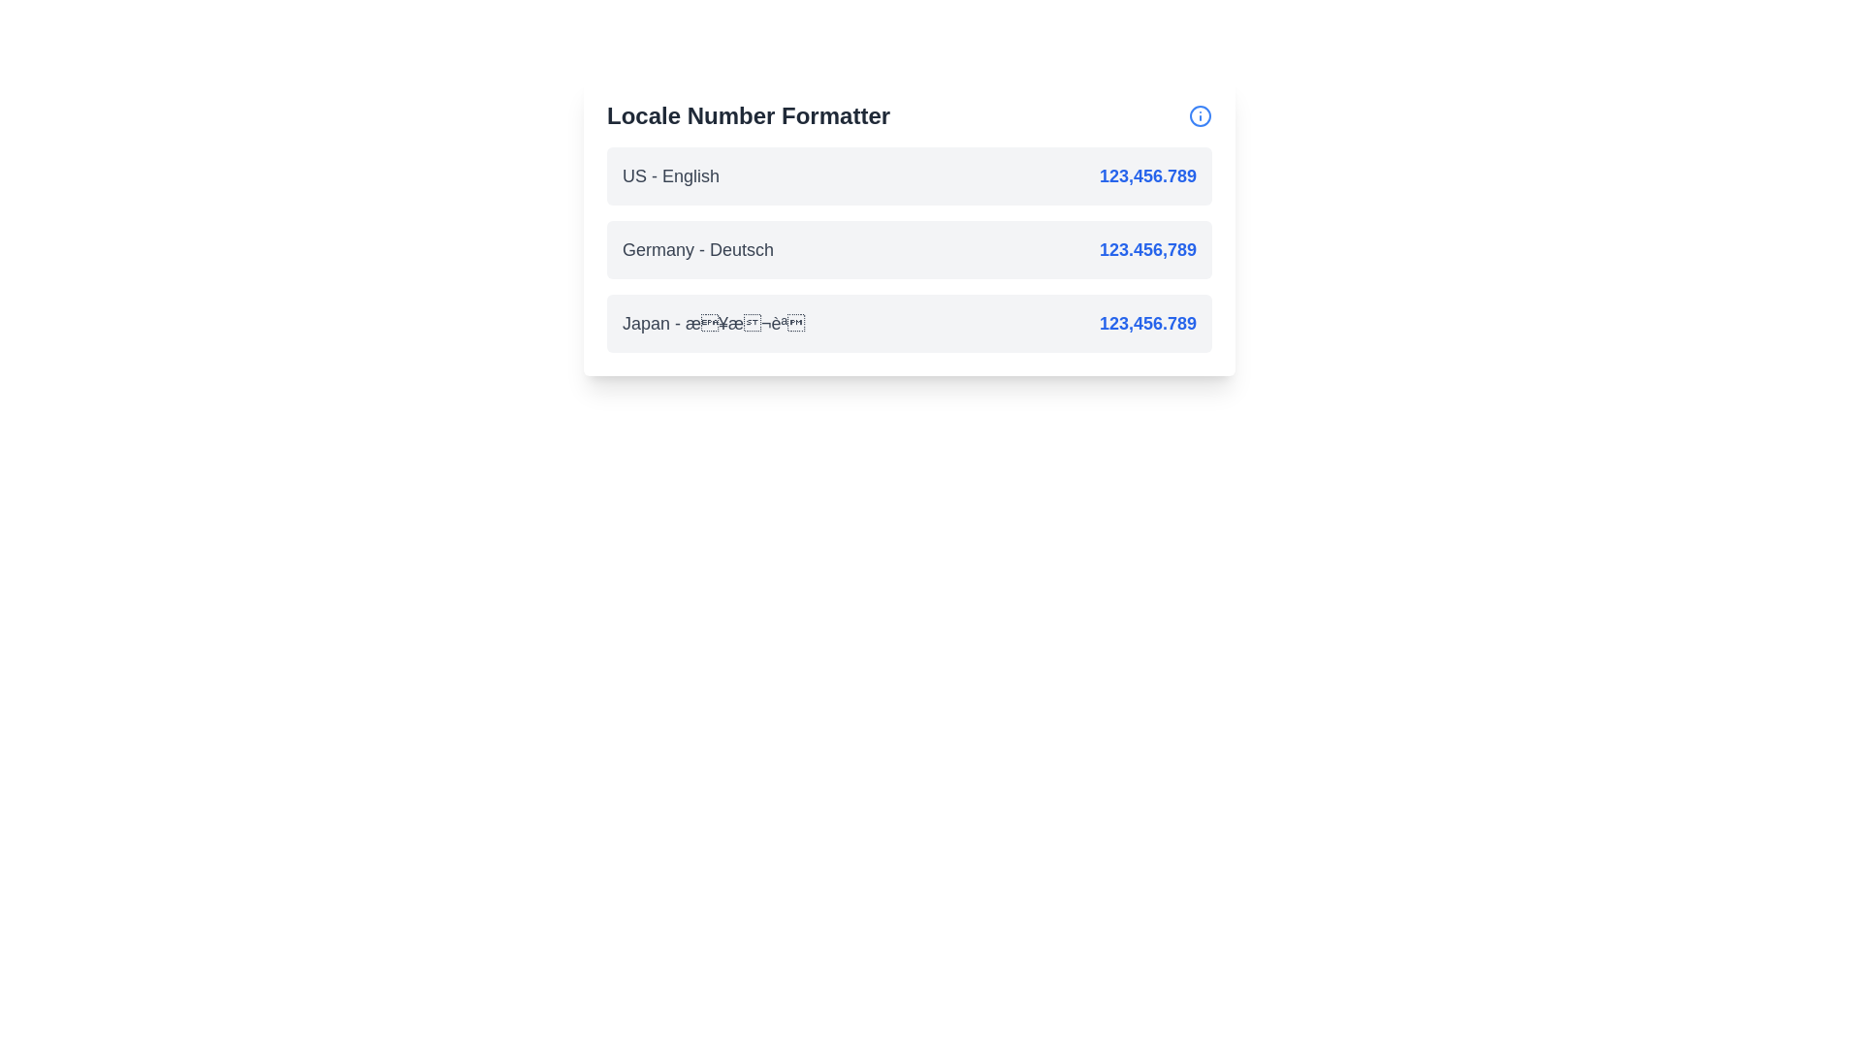 Image resolution: width=1862 pixels, height=1047 pixels. I want to click on the SVG circle element that visually represents part of the informational icon within the 'Locale Number Formatter' module, located at the top-right corner of the layout, so click(1200, 115).